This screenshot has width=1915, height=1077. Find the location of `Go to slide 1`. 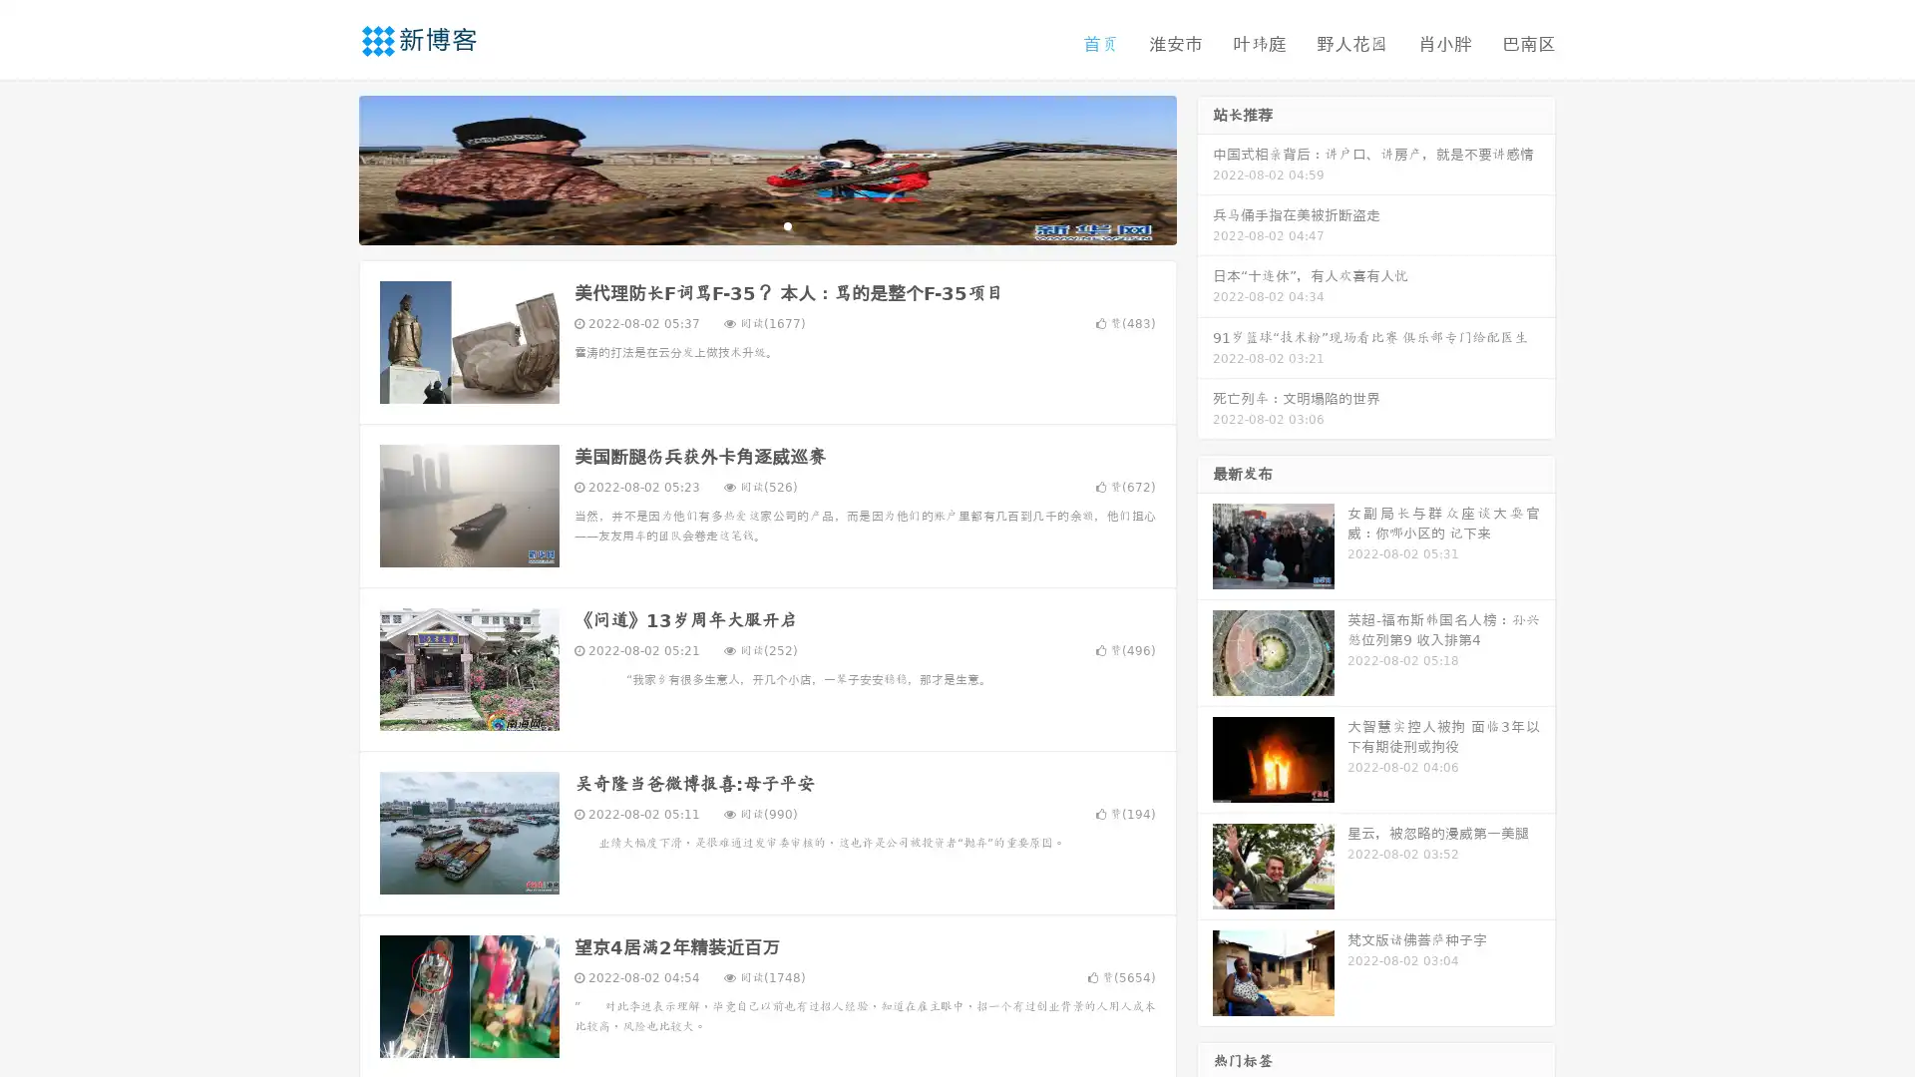

Go to slide 1 is located at coordinates (746, 224).